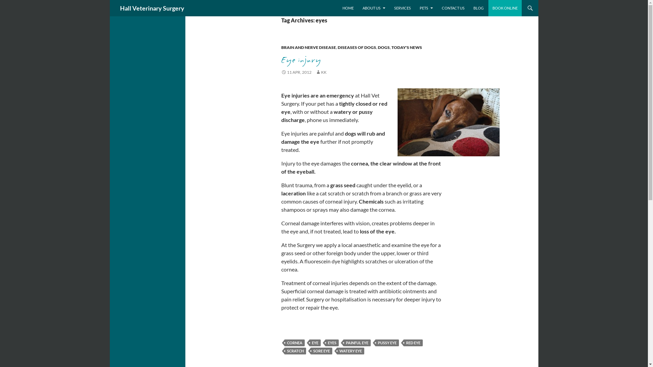 This screenshot has width=653, height=367. Describe the element at coordinates (478, 8) in the screenshot. I see `'BLOG'` at that location.